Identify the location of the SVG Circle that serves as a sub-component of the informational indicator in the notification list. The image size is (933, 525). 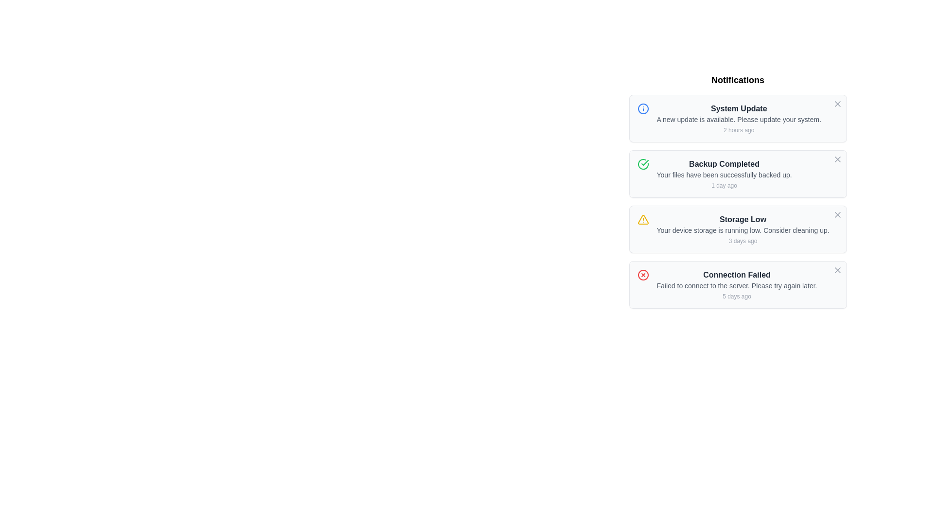
(643, 108).